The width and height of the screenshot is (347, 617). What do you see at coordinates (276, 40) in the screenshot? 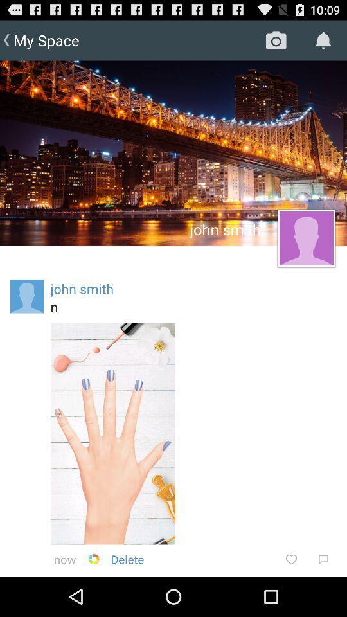
I see `the camera icon on the page` at bounding box center [276, 40].